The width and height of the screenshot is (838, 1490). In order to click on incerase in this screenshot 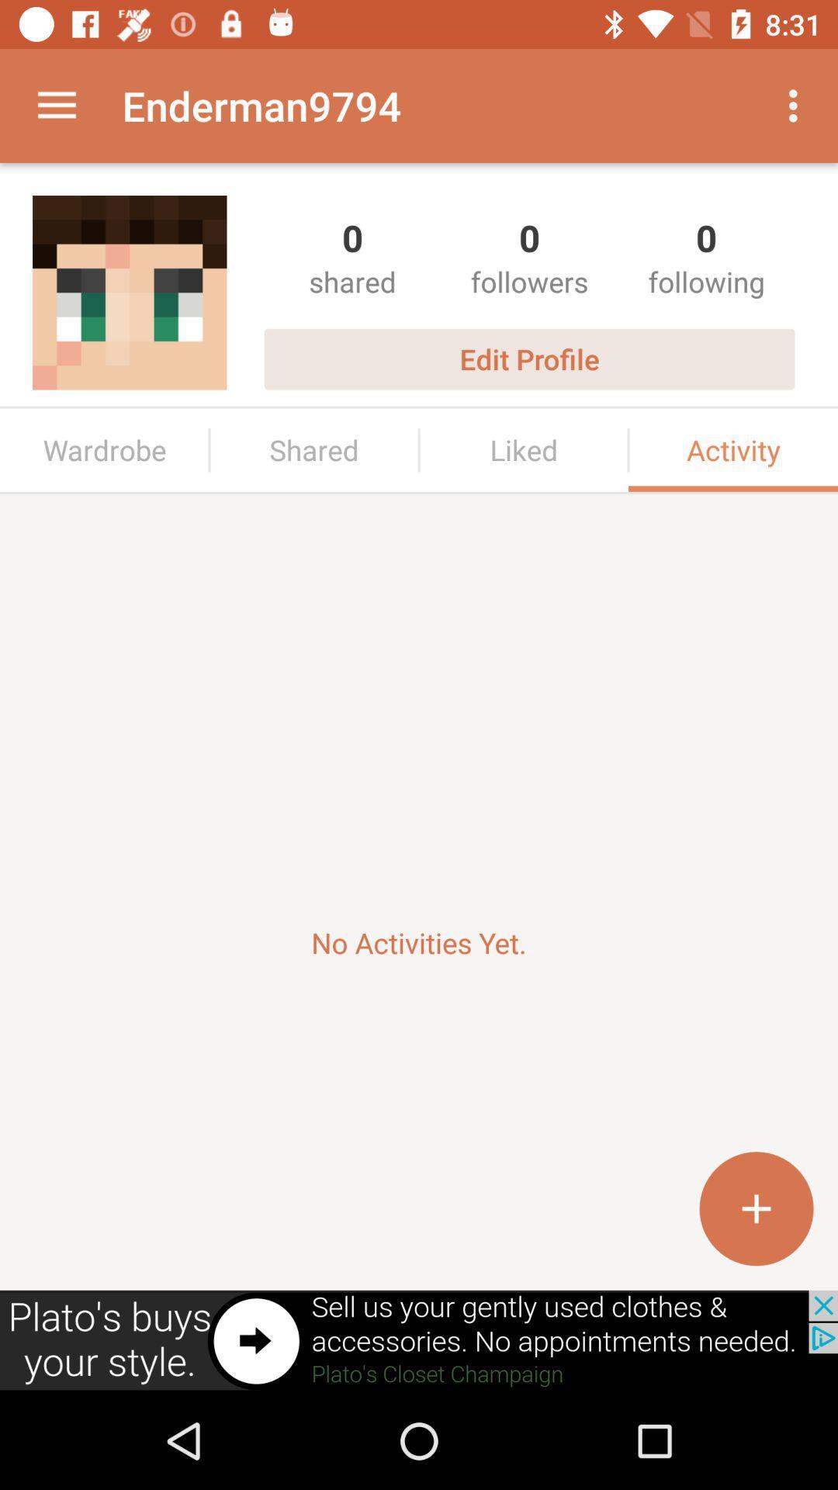, I will do `click(756, 1208)`.